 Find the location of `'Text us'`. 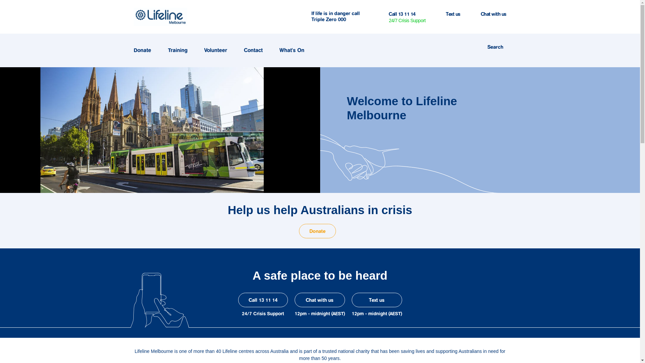

'Text us' is located at coordinates (351, 299).